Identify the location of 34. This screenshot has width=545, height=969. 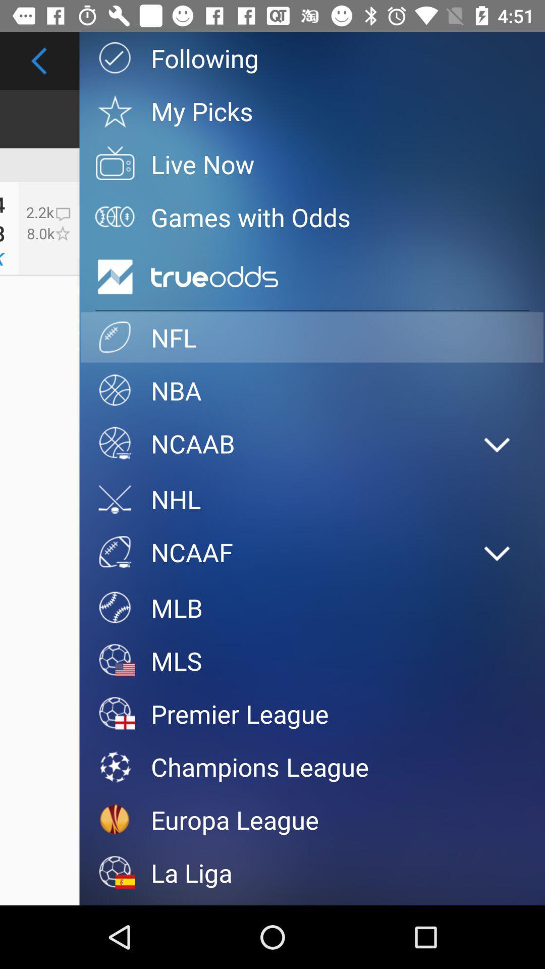
(3, 200).